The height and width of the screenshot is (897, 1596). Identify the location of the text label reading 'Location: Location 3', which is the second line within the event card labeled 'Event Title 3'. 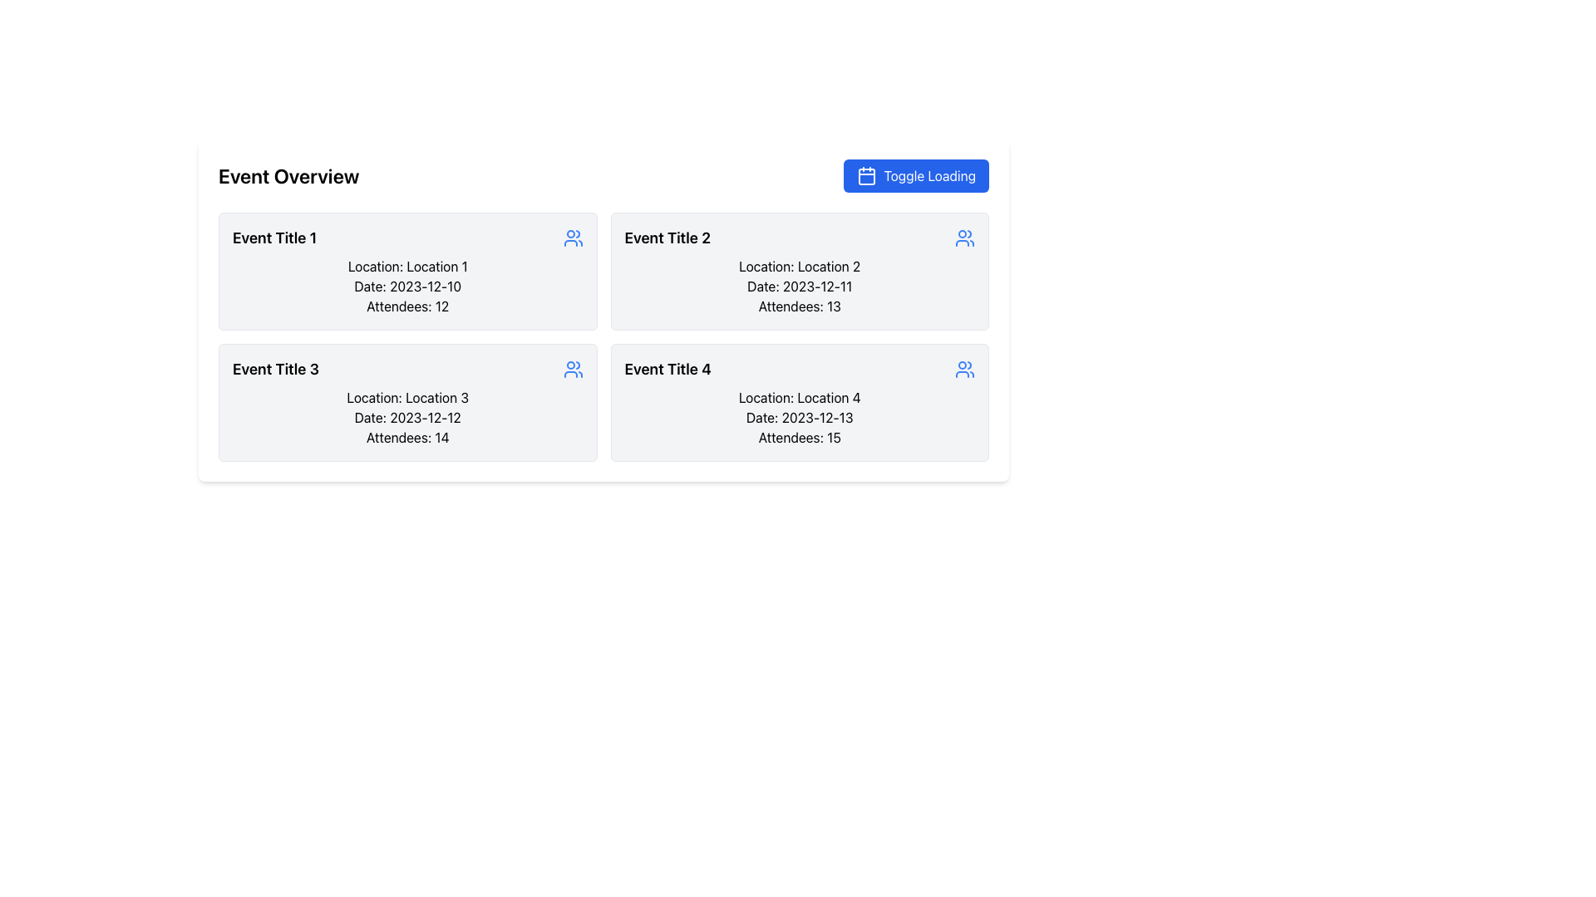
(407, 397).